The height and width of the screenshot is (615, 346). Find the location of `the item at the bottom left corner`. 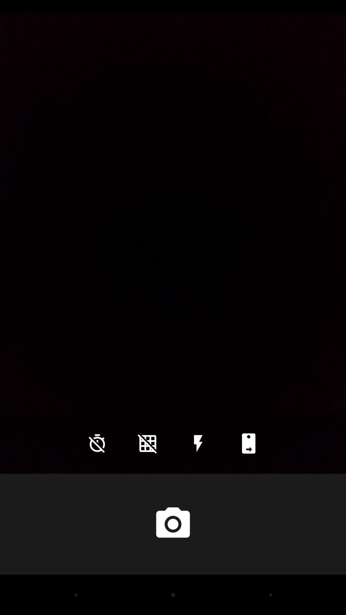

the item at the bottom left corner is located at coordinates (97, 443).